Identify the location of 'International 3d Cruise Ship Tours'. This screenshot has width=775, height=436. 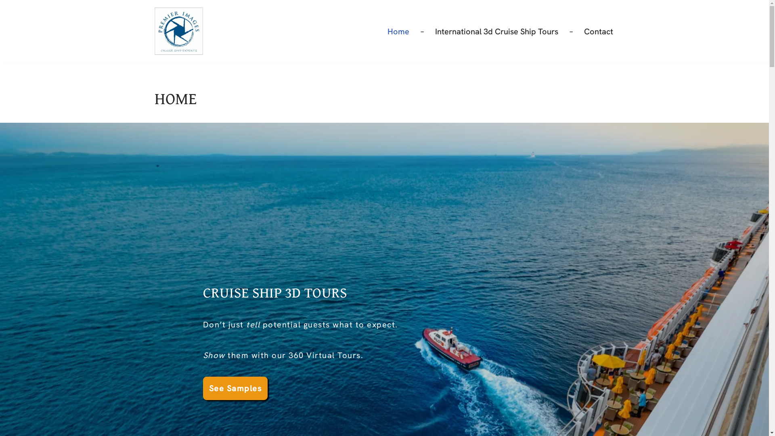
(496, 31).